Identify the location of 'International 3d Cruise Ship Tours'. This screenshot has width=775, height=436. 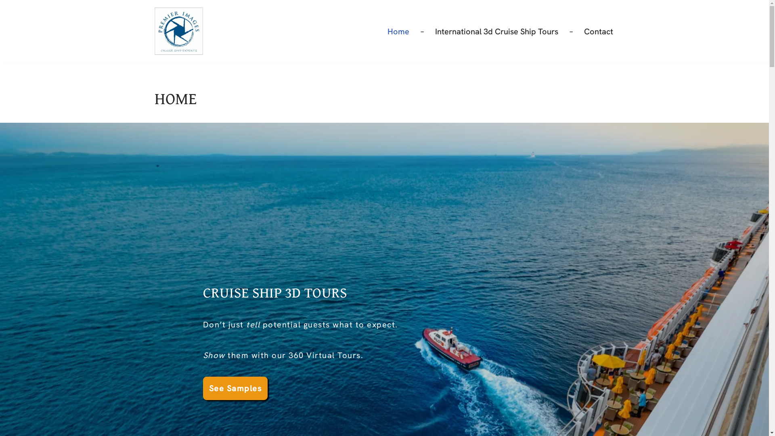
(496, 31).